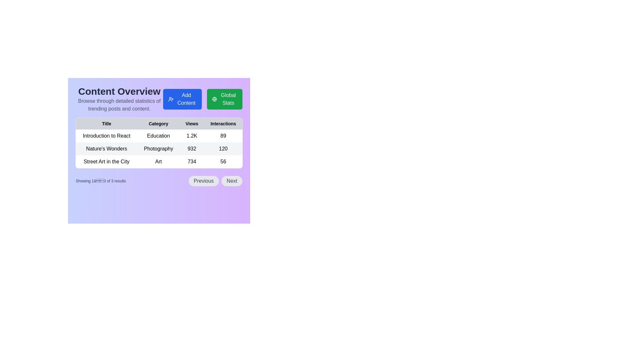 This screenshot has width=619, height=348. I want to click on the Text Header located at the top-left section of the layout, which serves as the main title indicating the subject matter of the page or section, so click(119, 92).